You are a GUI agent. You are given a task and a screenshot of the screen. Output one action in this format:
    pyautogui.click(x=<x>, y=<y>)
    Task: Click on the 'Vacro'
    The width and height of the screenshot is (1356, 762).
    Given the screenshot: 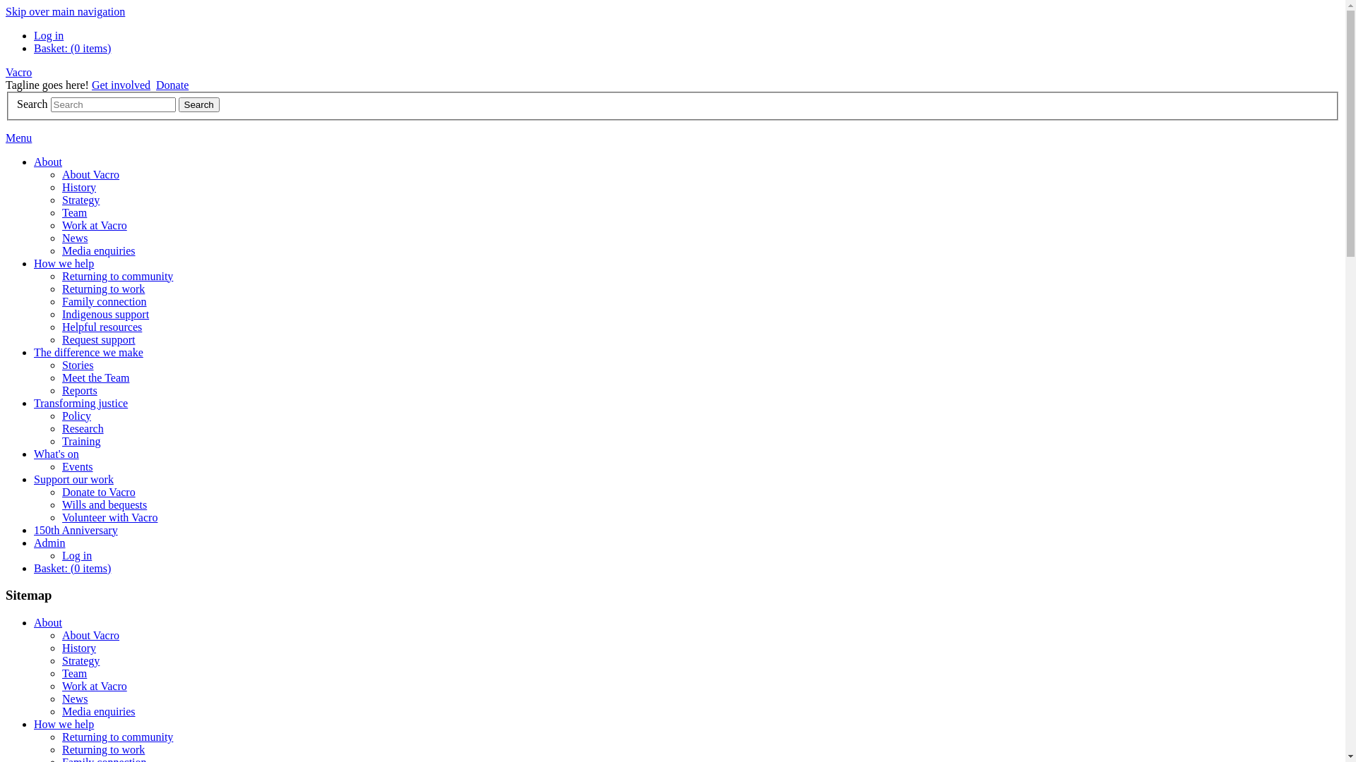 What is the action you would take?
    pyautogui.click(x=18, y=72)
    